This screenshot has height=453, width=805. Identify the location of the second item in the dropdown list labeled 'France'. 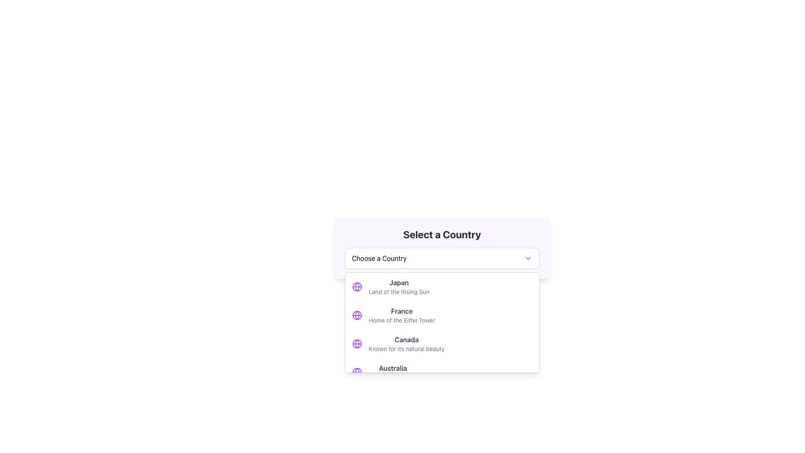
(401, 315).